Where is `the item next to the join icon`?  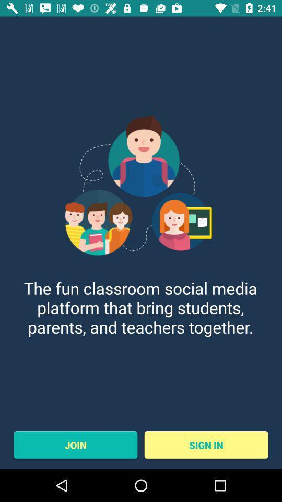
the item next to the join icon is located at coordinates (206, 444).